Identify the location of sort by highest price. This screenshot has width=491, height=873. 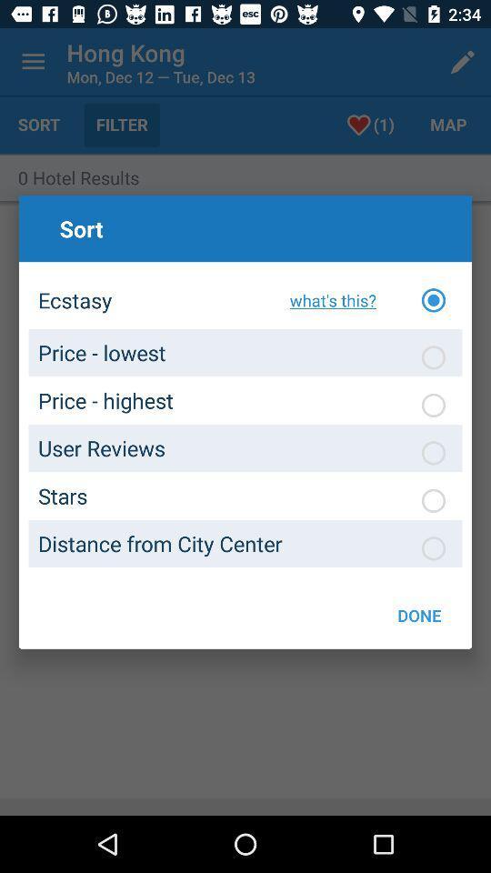
(432, 405).